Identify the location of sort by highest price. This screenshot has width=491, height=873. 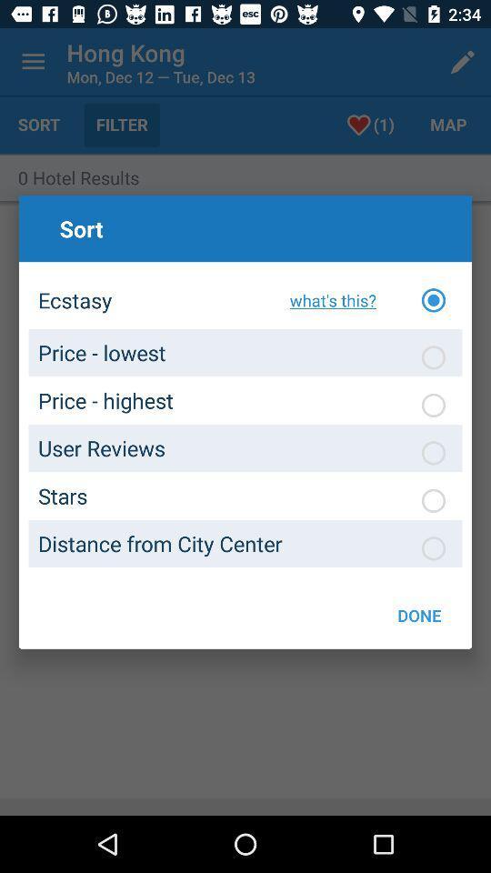
(432, 405).